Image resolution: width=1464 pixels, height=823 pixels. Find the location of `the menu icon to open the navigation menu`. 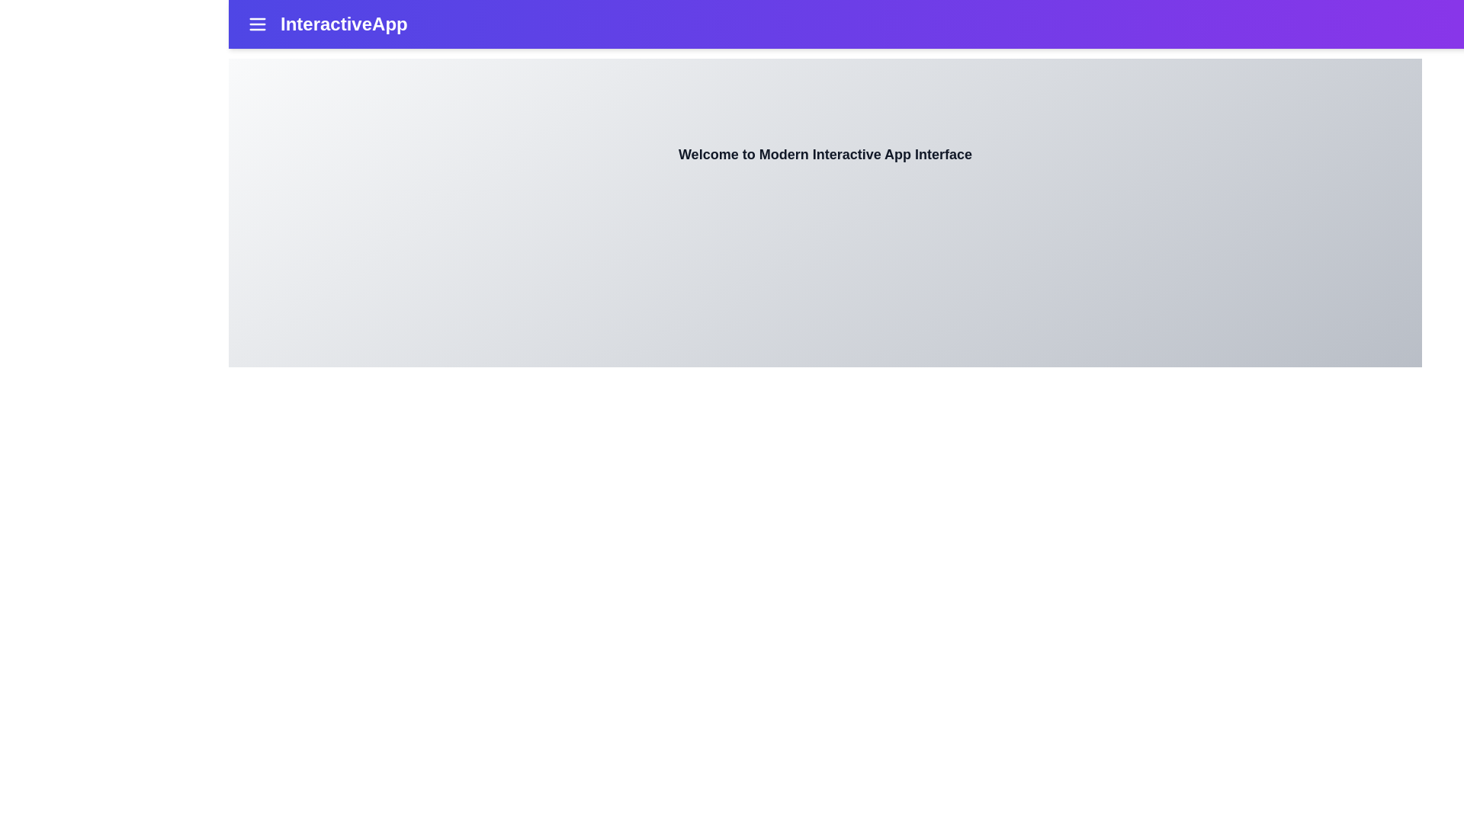

the menu icon to open the navigation menu is located at coordinates (257, 24).